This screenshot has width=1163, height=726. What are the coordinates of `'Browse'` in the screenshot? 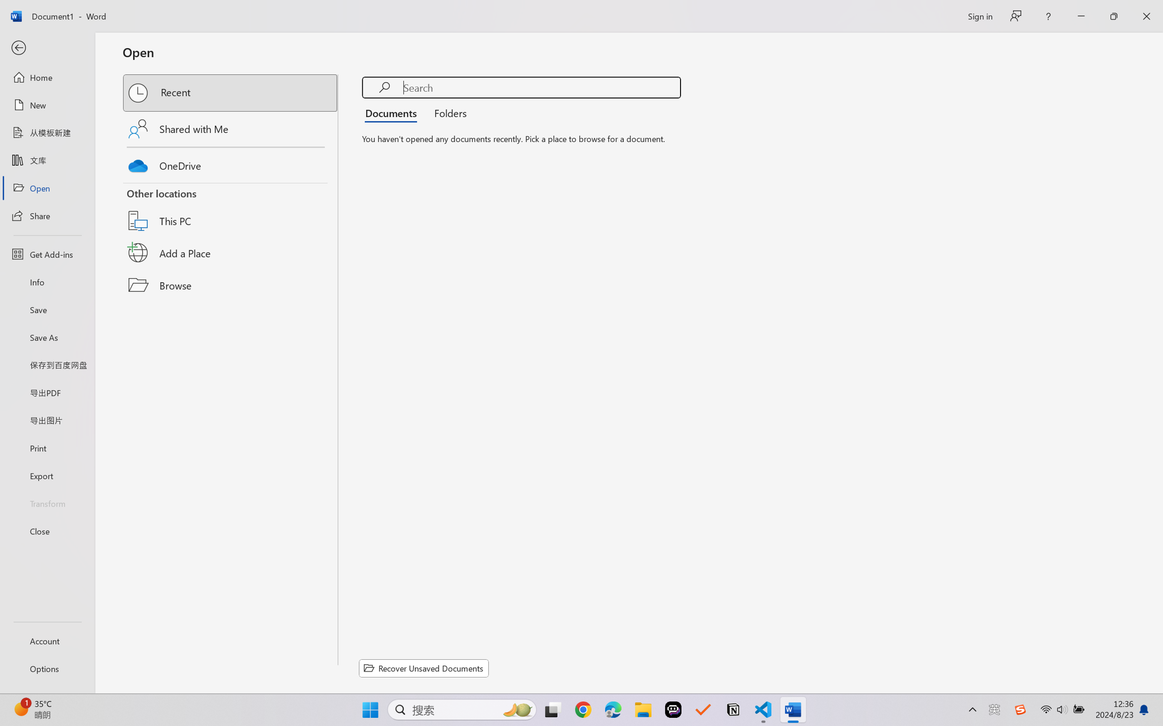 It's located at (231, 285).